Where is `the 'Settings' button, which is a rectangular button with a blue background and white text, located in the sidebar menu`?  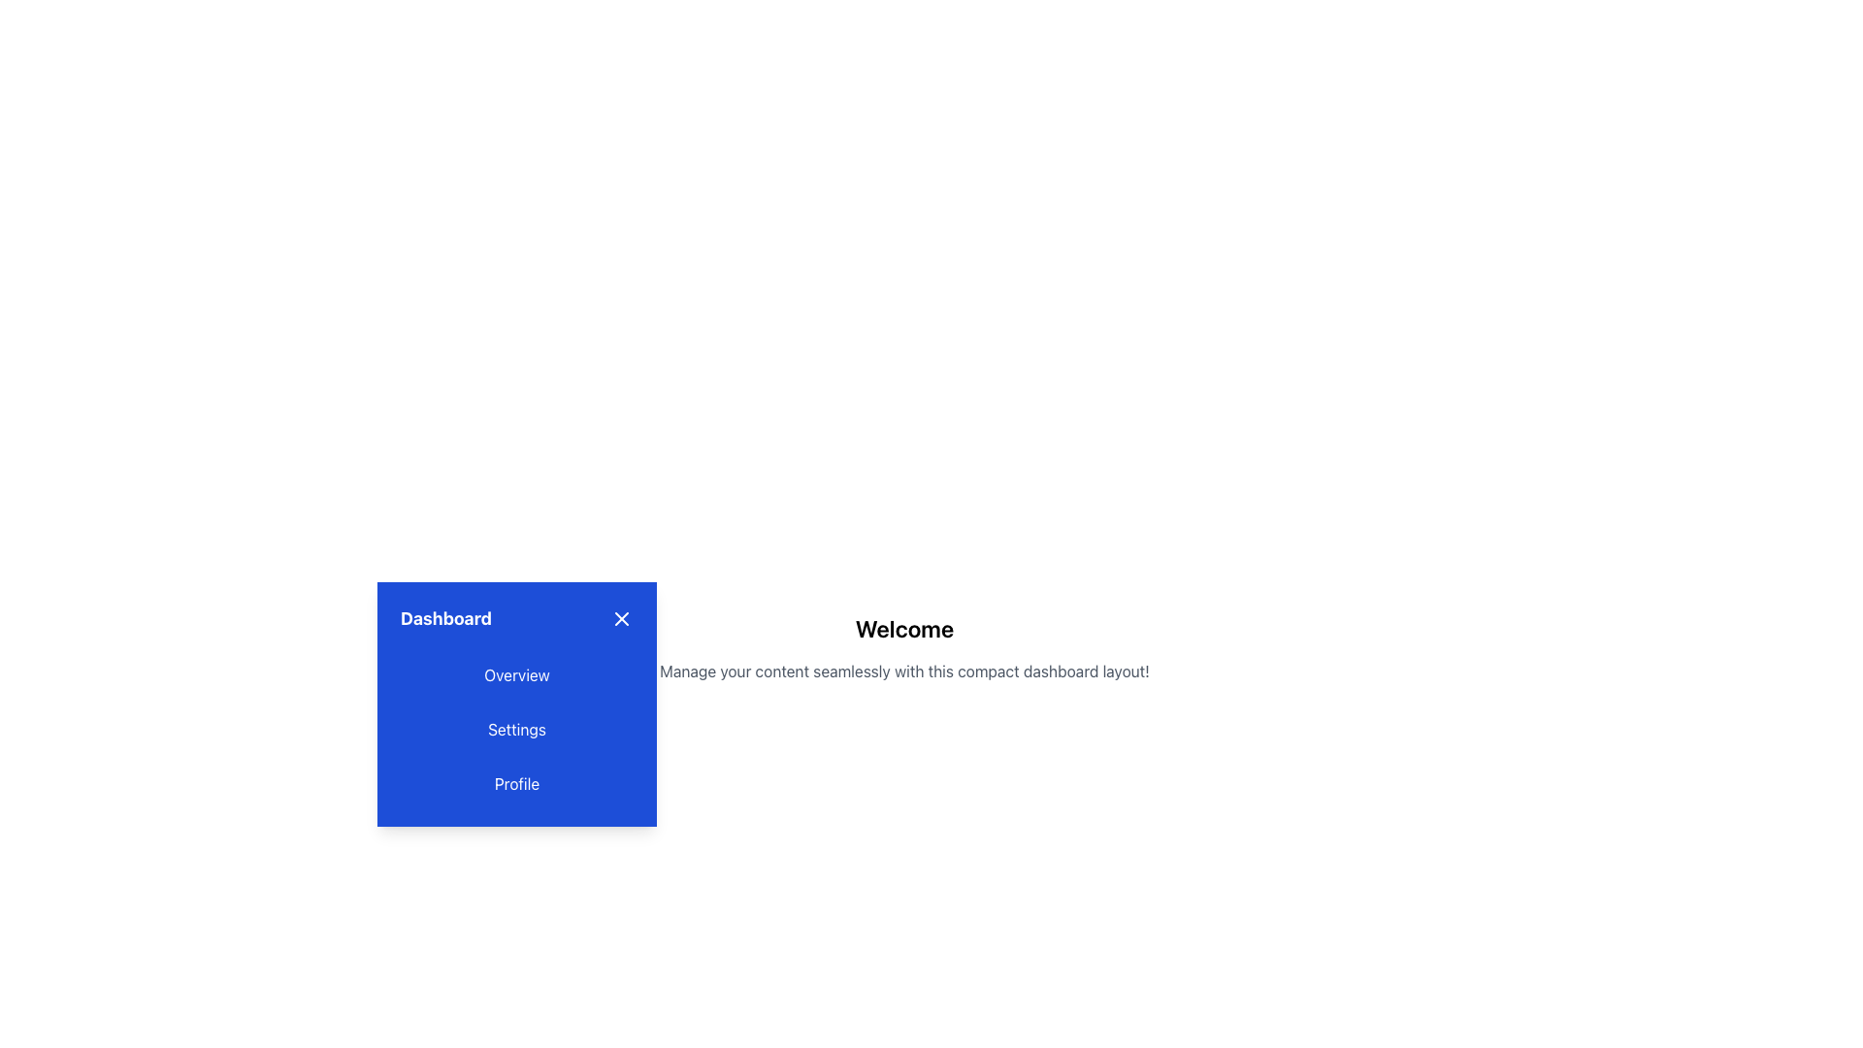
the 'Settings' button, which is a rectangular button with a blue background and white text, located in the sidebar menu is located at coordinates (516, 730).